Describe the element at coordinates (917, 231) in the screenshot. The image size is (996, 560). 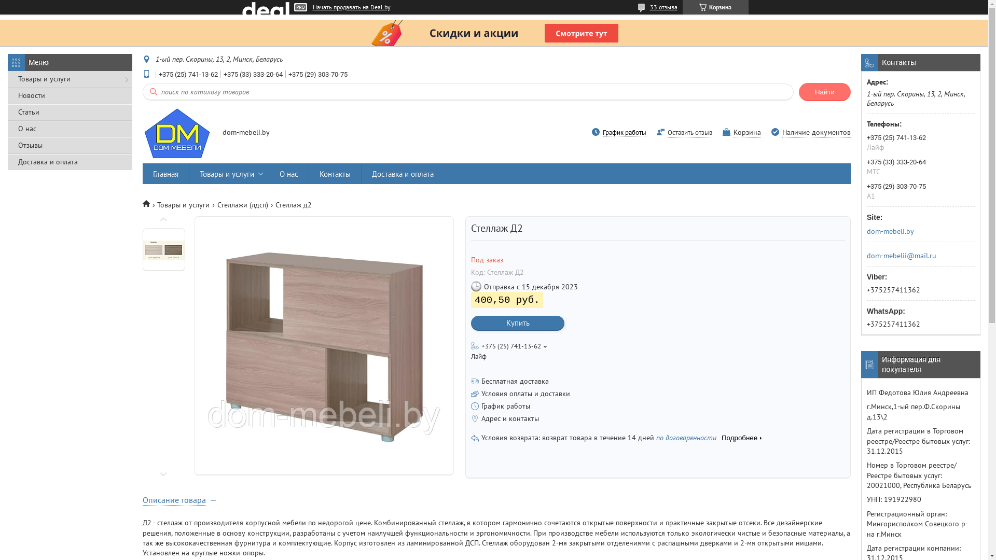
I see `'dom-mebeli.by'` at that location.